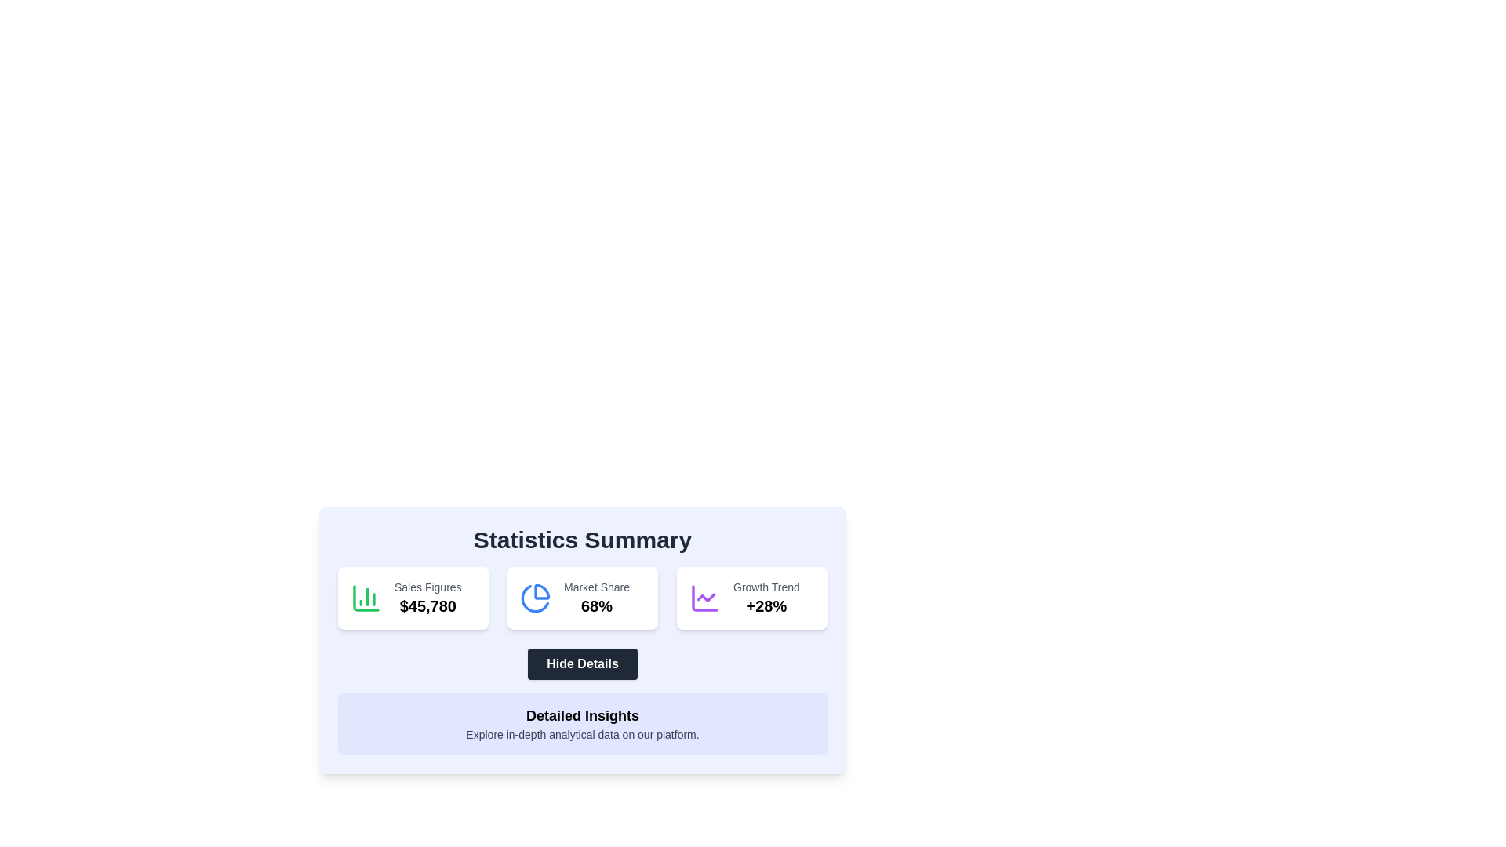 This screenshot has width=1506, height=847. Describe the element at coordinates (596, 598) in the screenshot. I see `displayed data from the 'Market Share' statistical information display, which shows 'Market Share' in a smaller font and '68%' in a bold format, located in the Statistics Summary section` at that location.